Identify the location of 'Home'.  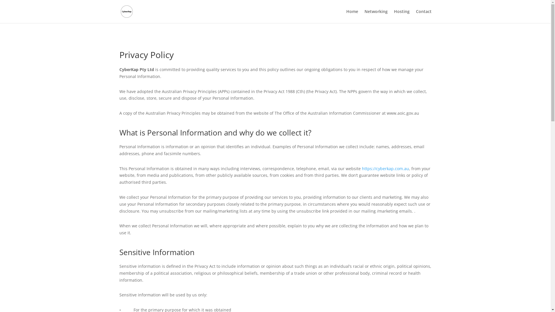
(346, 16).